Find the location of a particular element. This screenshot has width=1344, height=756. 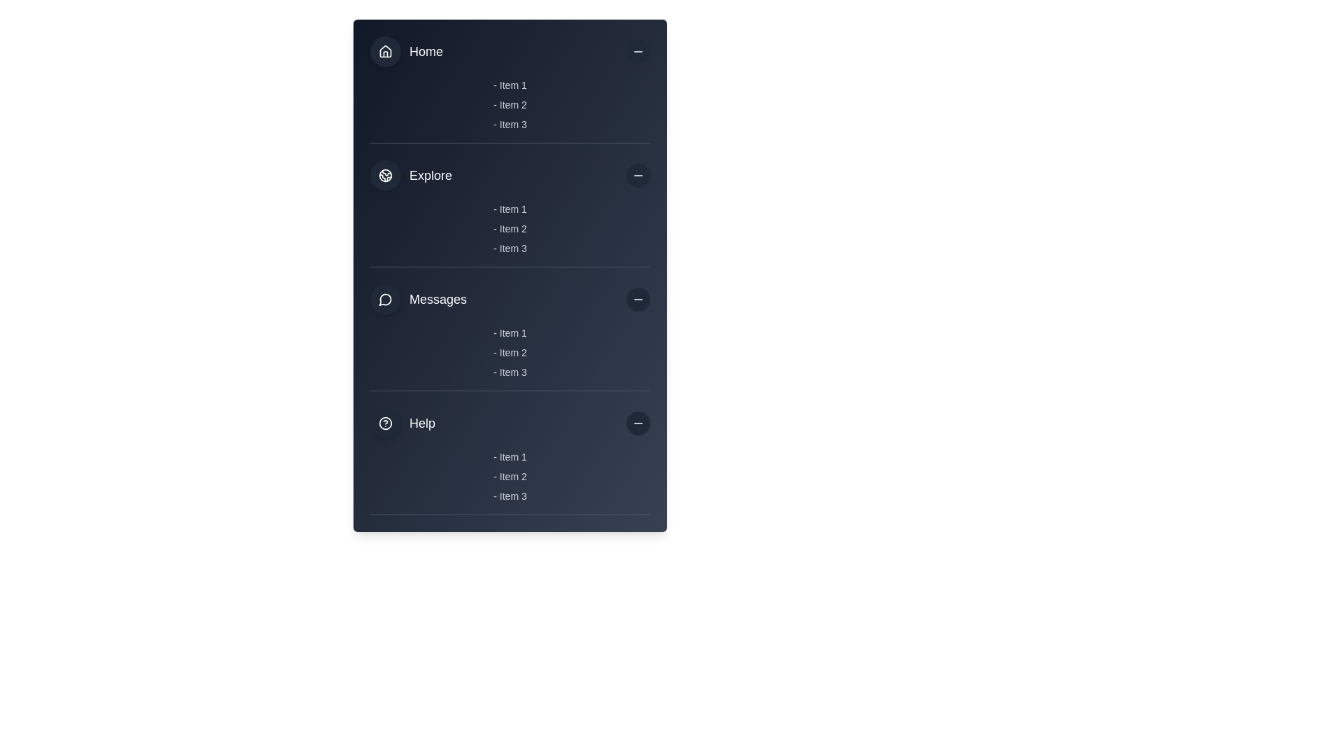

the third horizontal line button aligned to the right side of the 'Messages' section is located at coordinates (638, 299).